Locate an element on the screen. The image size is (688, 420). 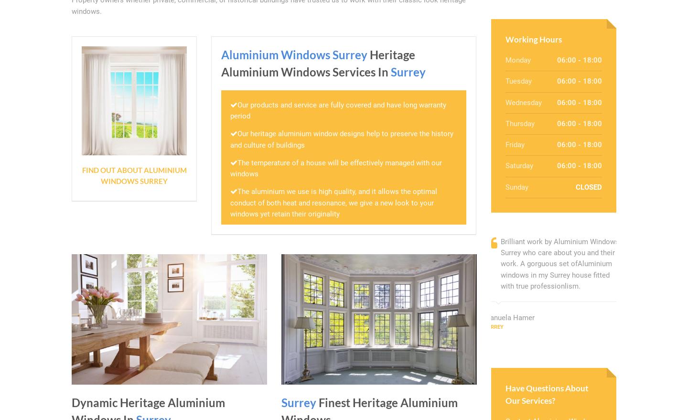
'Phillip Campbell' is located at coordinates (648, 328).